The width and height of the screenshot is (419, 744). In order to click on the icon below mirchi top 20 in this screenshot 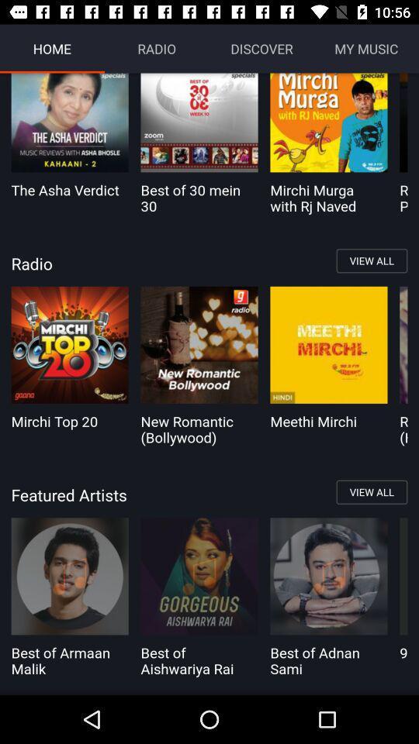, I will do `click(209, 494)`.